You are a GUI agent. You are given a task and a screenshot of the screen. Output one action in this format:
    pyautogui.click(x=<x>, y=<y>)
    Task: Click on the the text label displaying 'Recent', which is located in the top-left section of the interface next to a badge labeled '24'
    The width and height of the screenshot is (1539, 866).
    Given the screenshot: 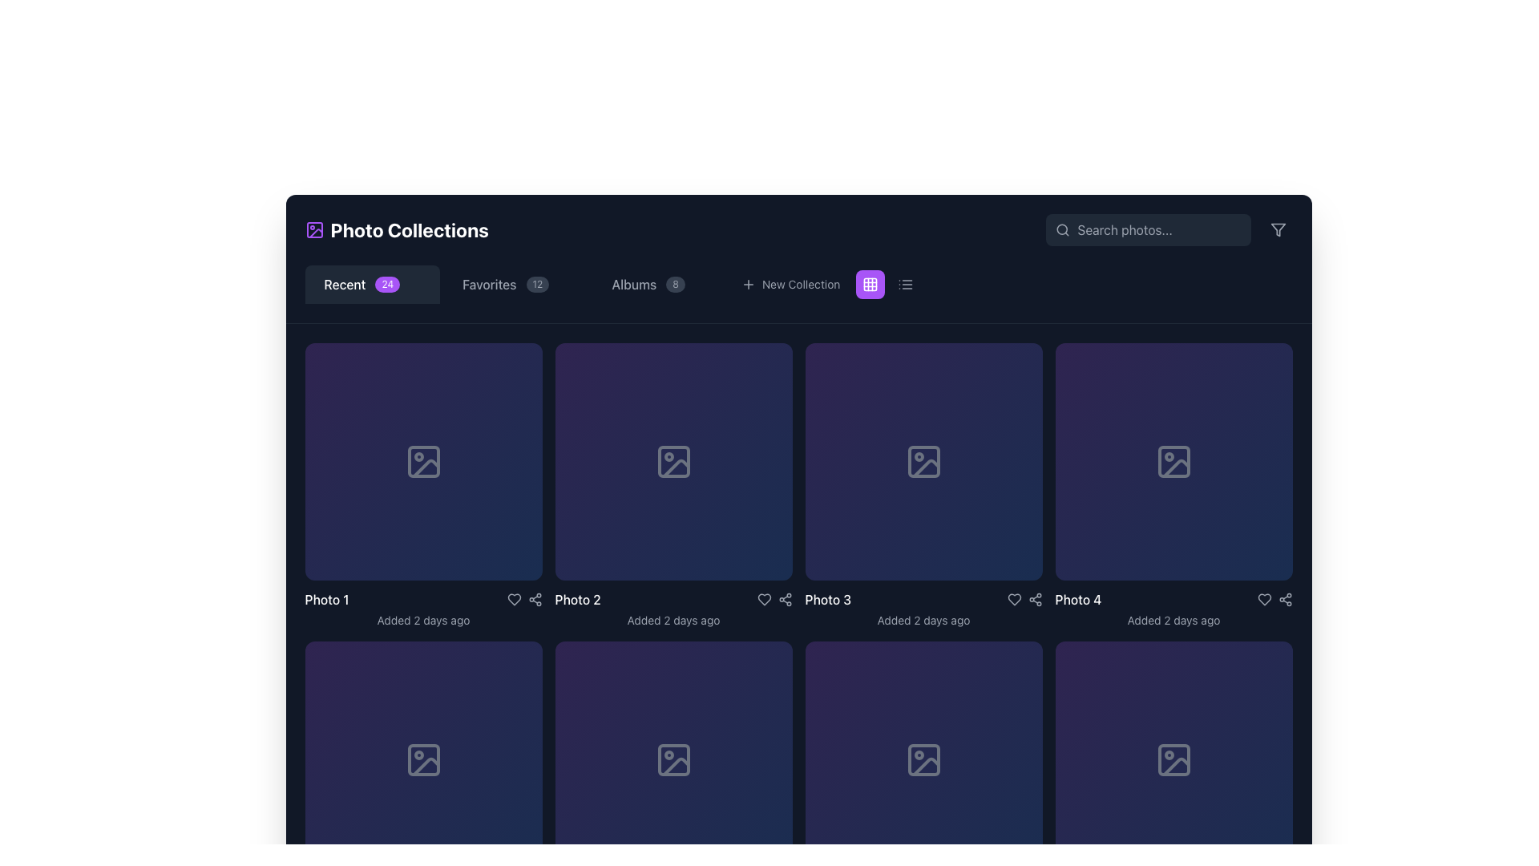 What is the action you would take?
    pyautogui.click(x=344, y=283)
    